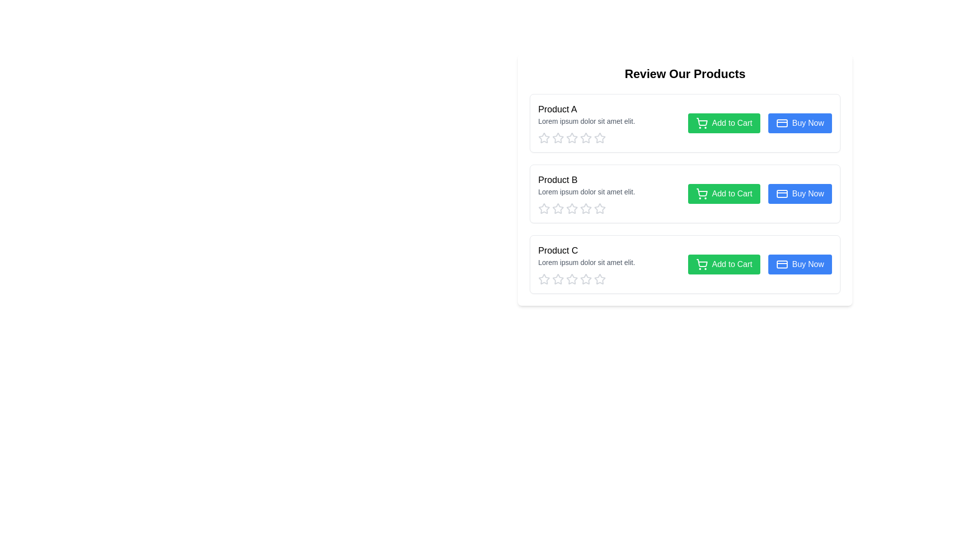 The image size is (956, 537). I want to click on the first star of the rating system under 'Product C' in the 'Review Our Products' section, so click(572, 279).